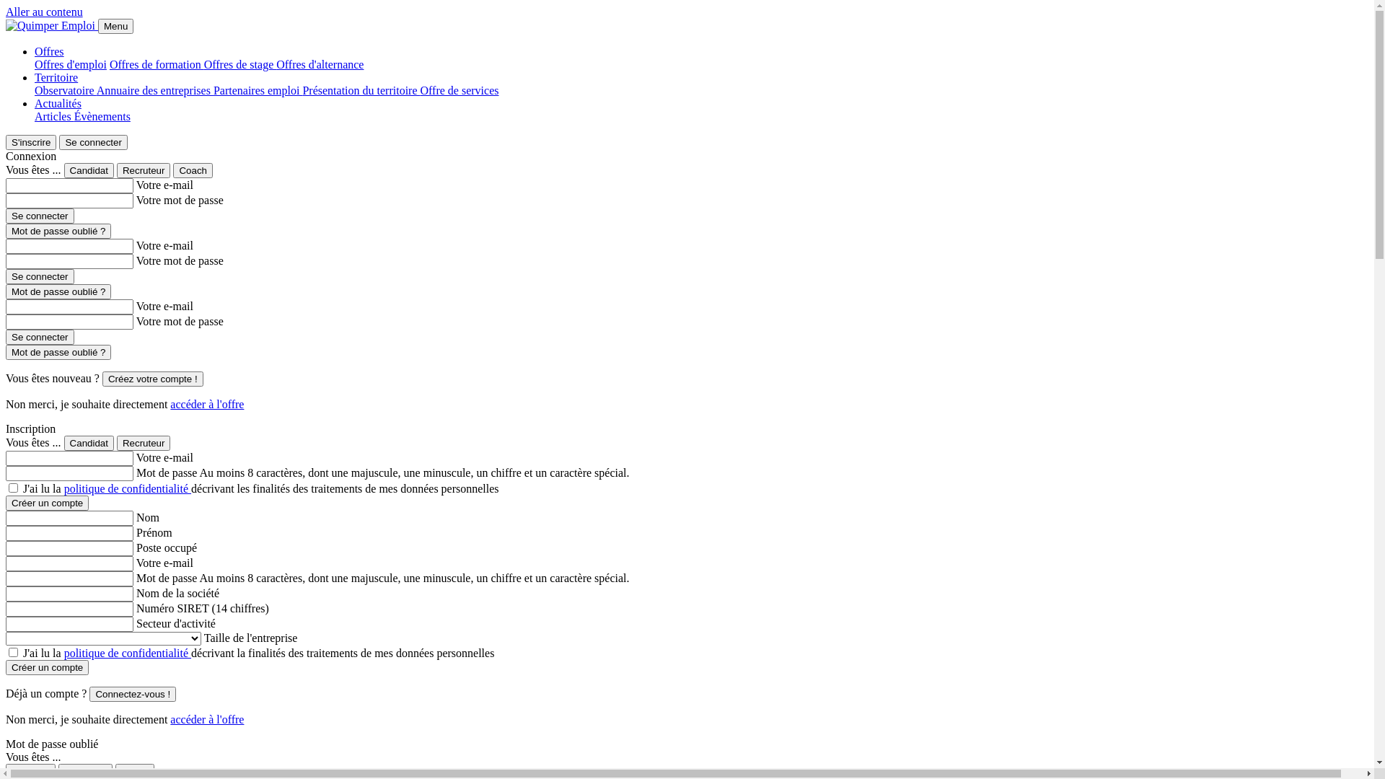  What do you see at coordinates (69, 63) in the screenshot?
I see `'Offres d'emploi'` at bounding box center [69, 63].